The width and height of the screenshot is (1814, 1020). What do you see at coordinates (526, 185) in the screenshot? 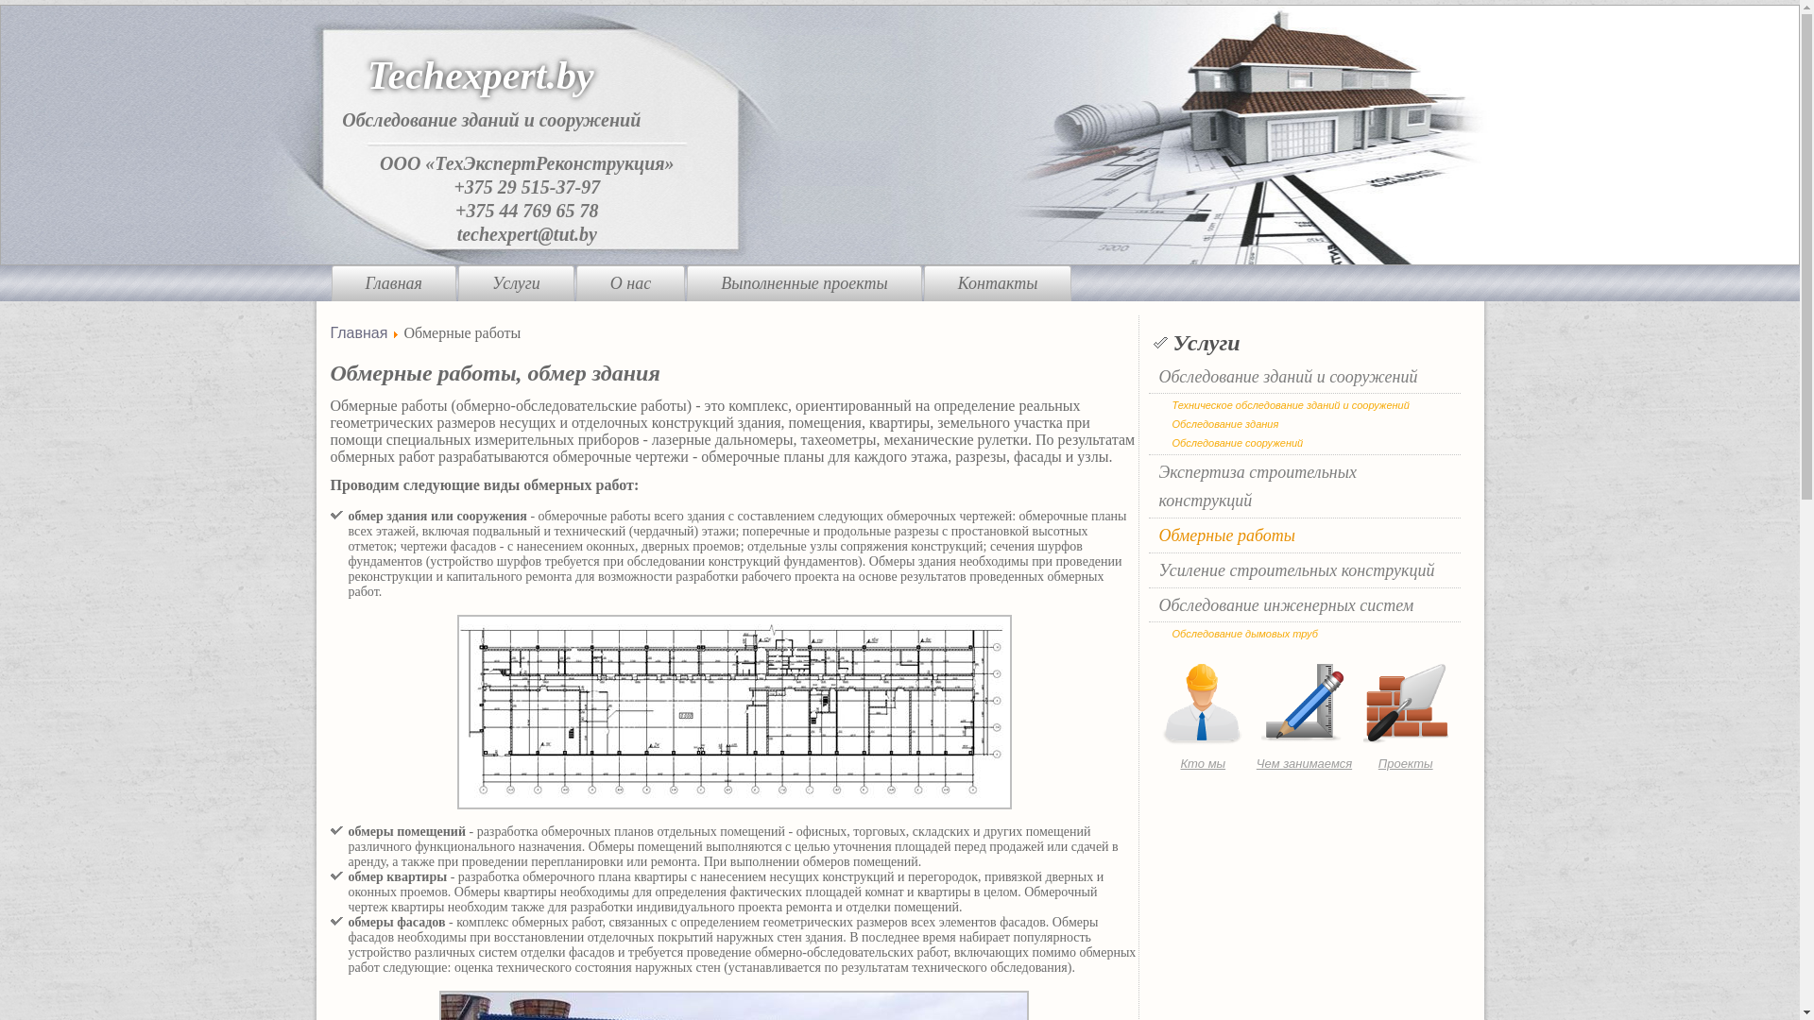
I see `'+375 29 515-37-97'` at bounding box center [526, 185].